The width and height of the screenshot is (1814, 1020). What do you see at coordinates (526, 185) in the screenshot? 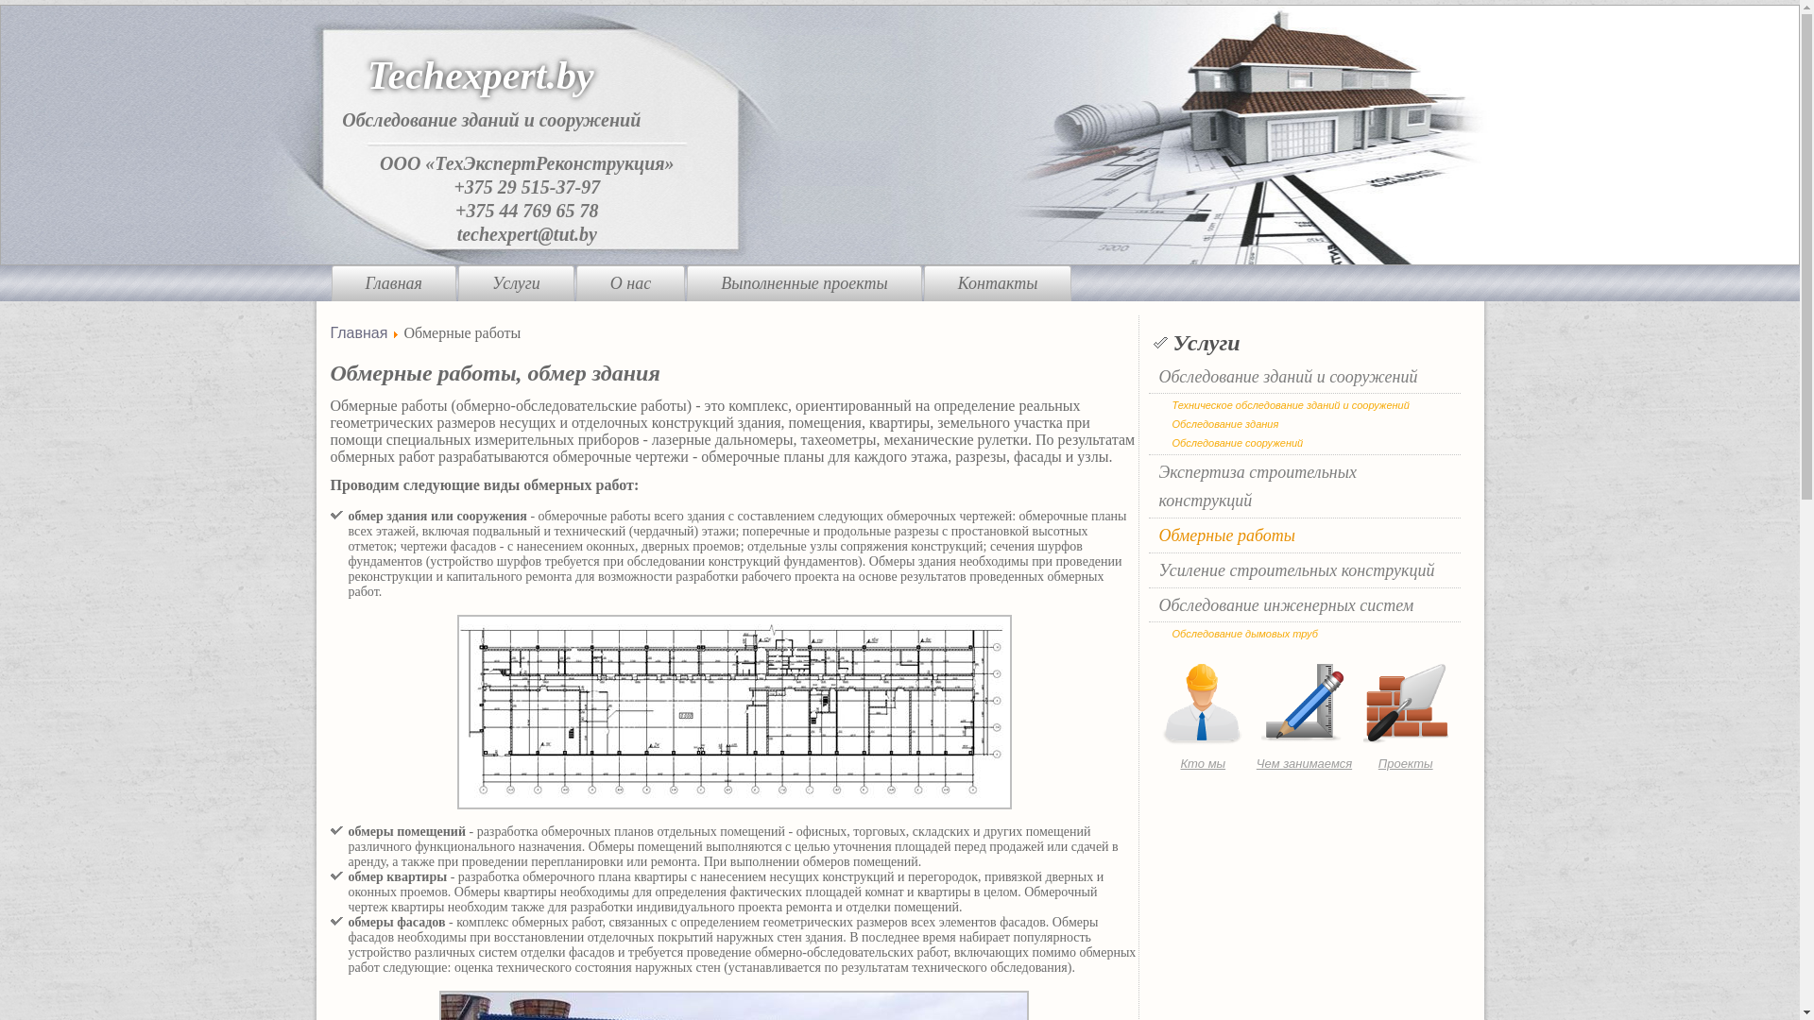
I see `'+375 29 515-37-97'` at bounding box center [526, 185].